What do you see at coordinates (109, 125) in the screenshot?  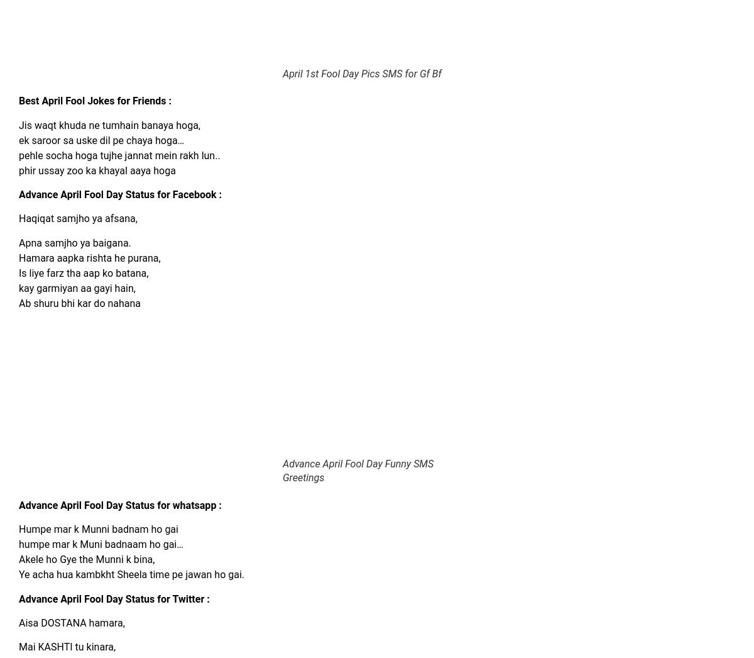 I see `'Jis waqt khuda ne tumhain banaya hoga,'` at bounding box center [109, 125].